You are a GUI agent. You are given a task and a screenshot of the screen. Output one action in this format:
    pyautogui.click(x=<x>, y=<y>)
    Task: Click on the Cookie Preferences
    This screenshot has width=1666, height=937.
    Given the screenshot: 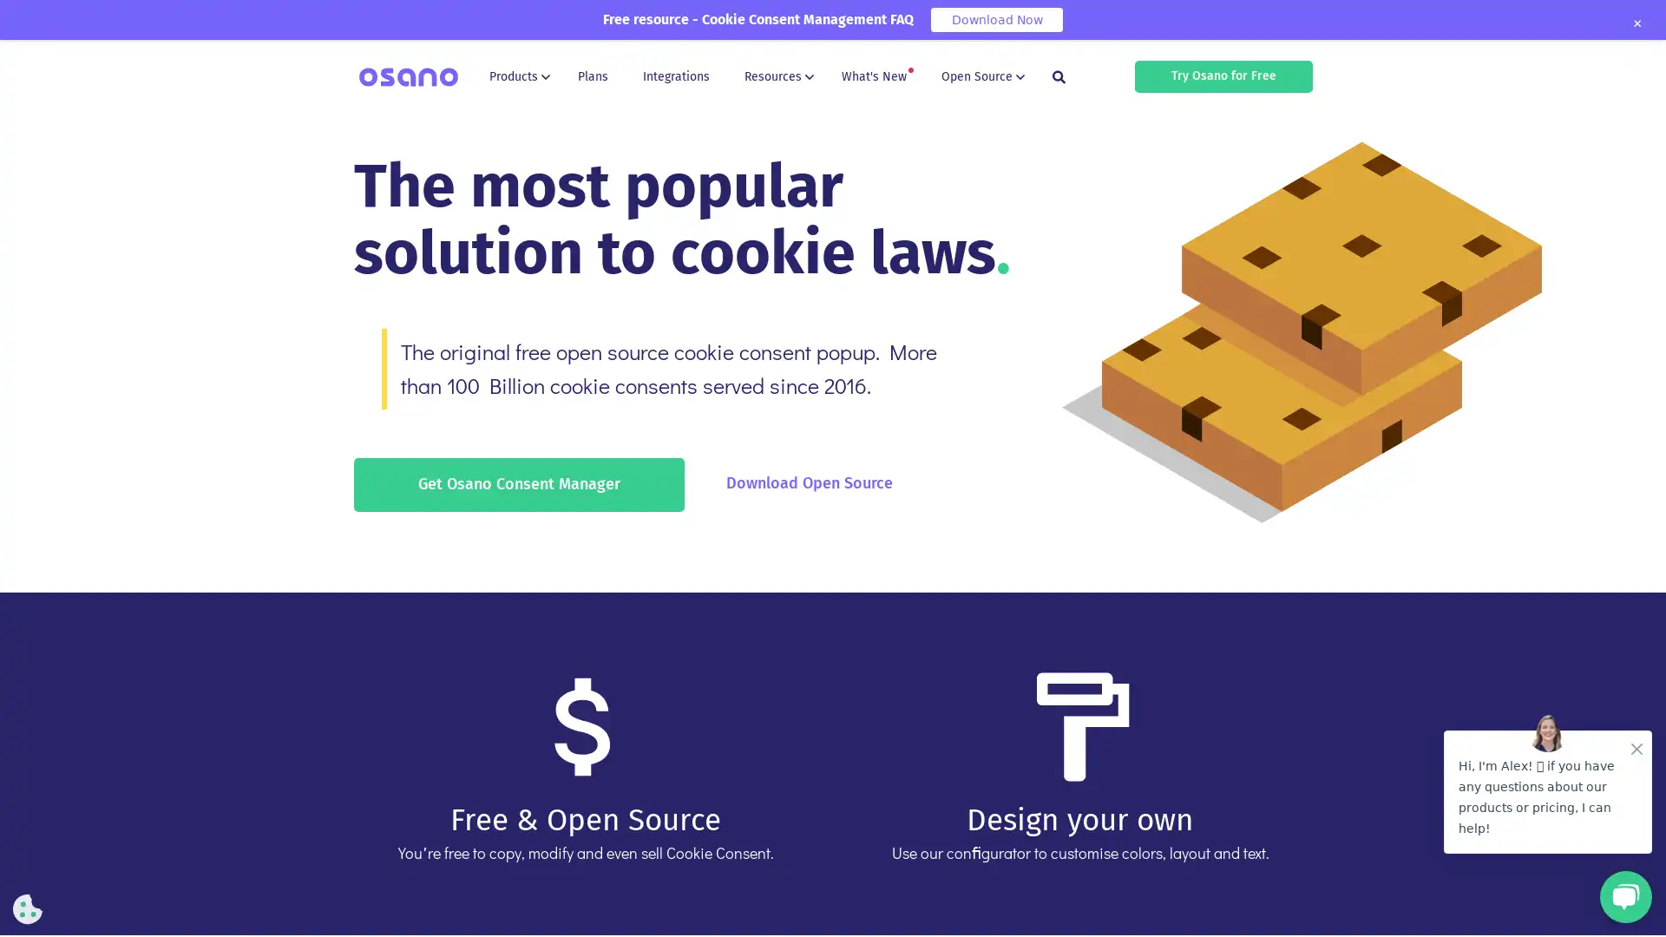 What is the action you would take?
    pyautogui.click(x=28, y=908)
    